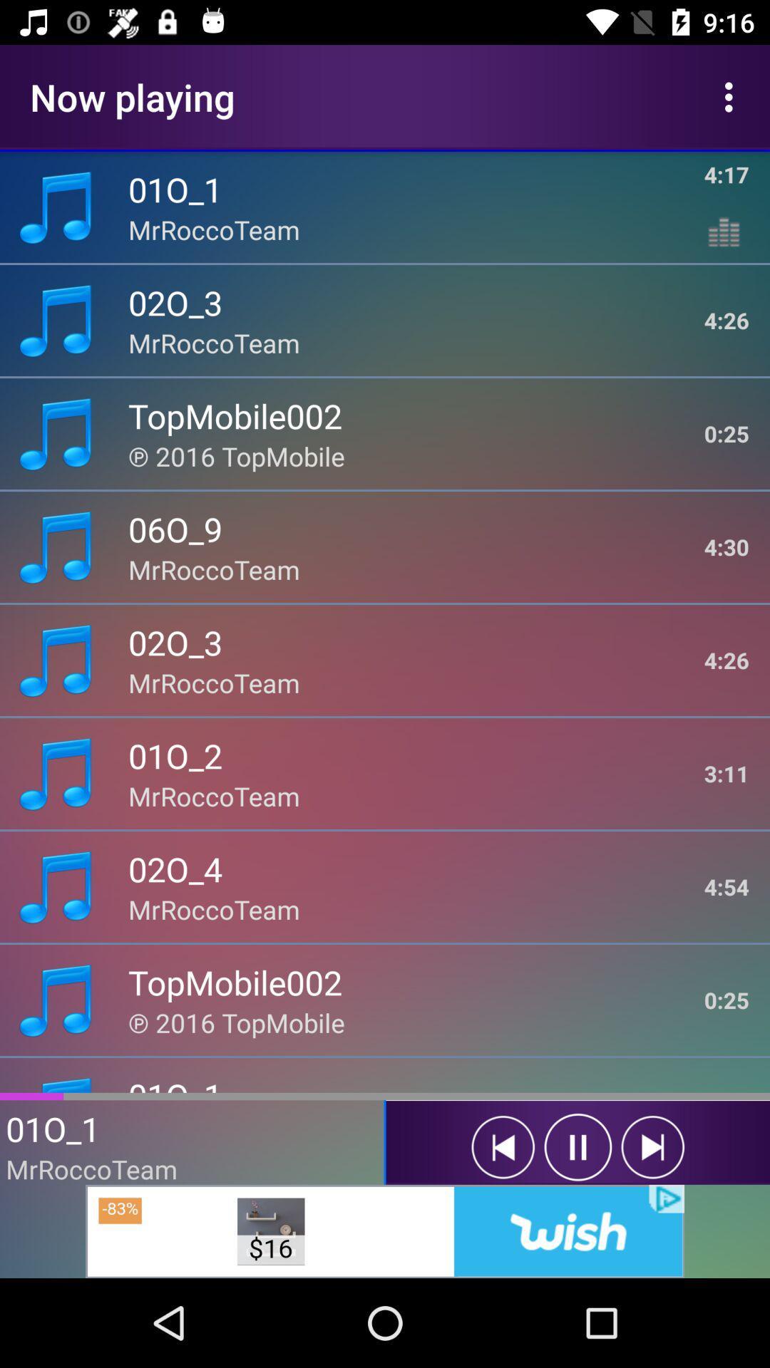 The height and width of the screenshot is (1368, 770). What do you see at coordinates (577, 1147) in the screenshot?
I see `pause this audio` at bounding box center [577, 1147].